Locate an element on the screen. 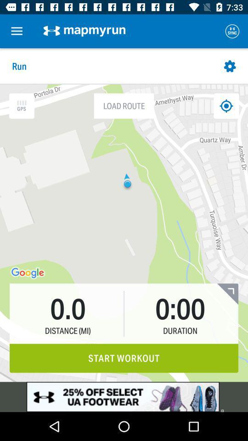 The height and width of the screenshot is (441, 248). zoom in location is located at coordinates (22, 106).